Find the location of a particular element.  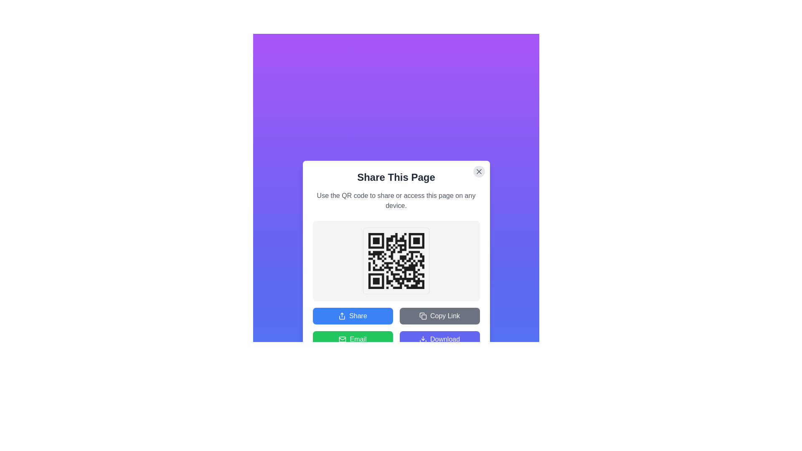

the blue 'Share' button with an upward arrow icon is located at coordinates (353, 316).